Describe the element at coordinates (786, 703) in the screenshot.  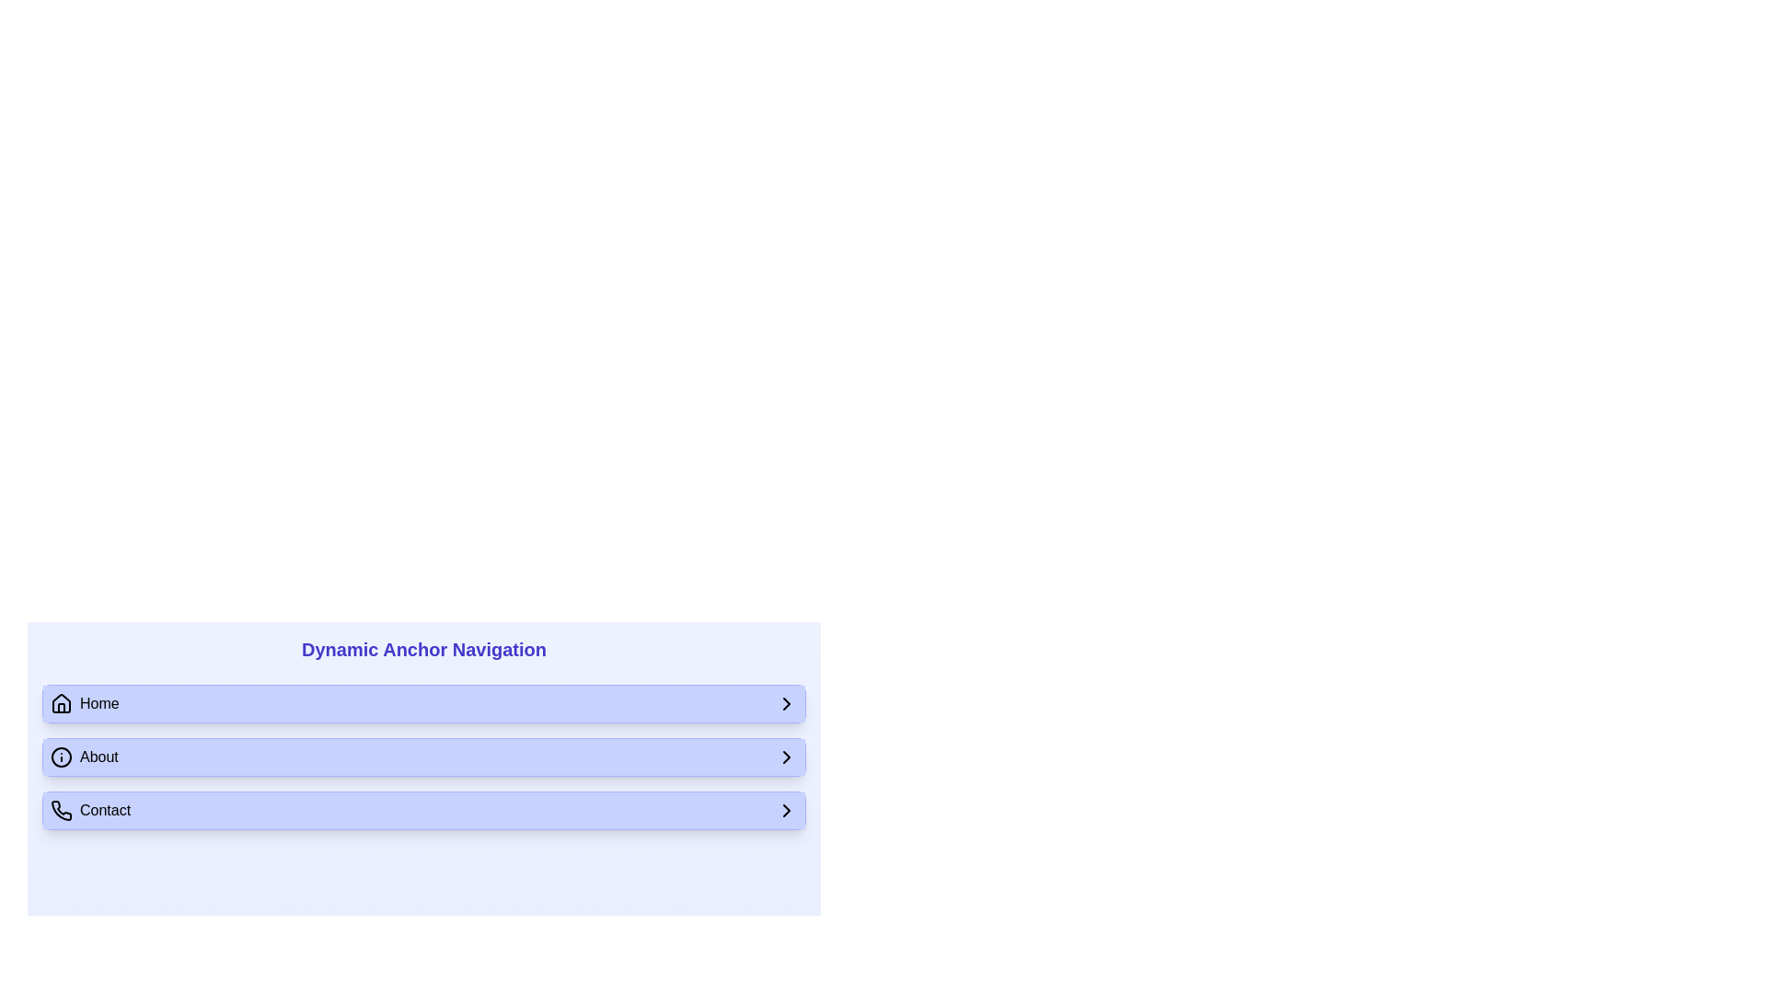
I see `the icon on the right edge of the 'Home' button in the vertical menu` at that location.